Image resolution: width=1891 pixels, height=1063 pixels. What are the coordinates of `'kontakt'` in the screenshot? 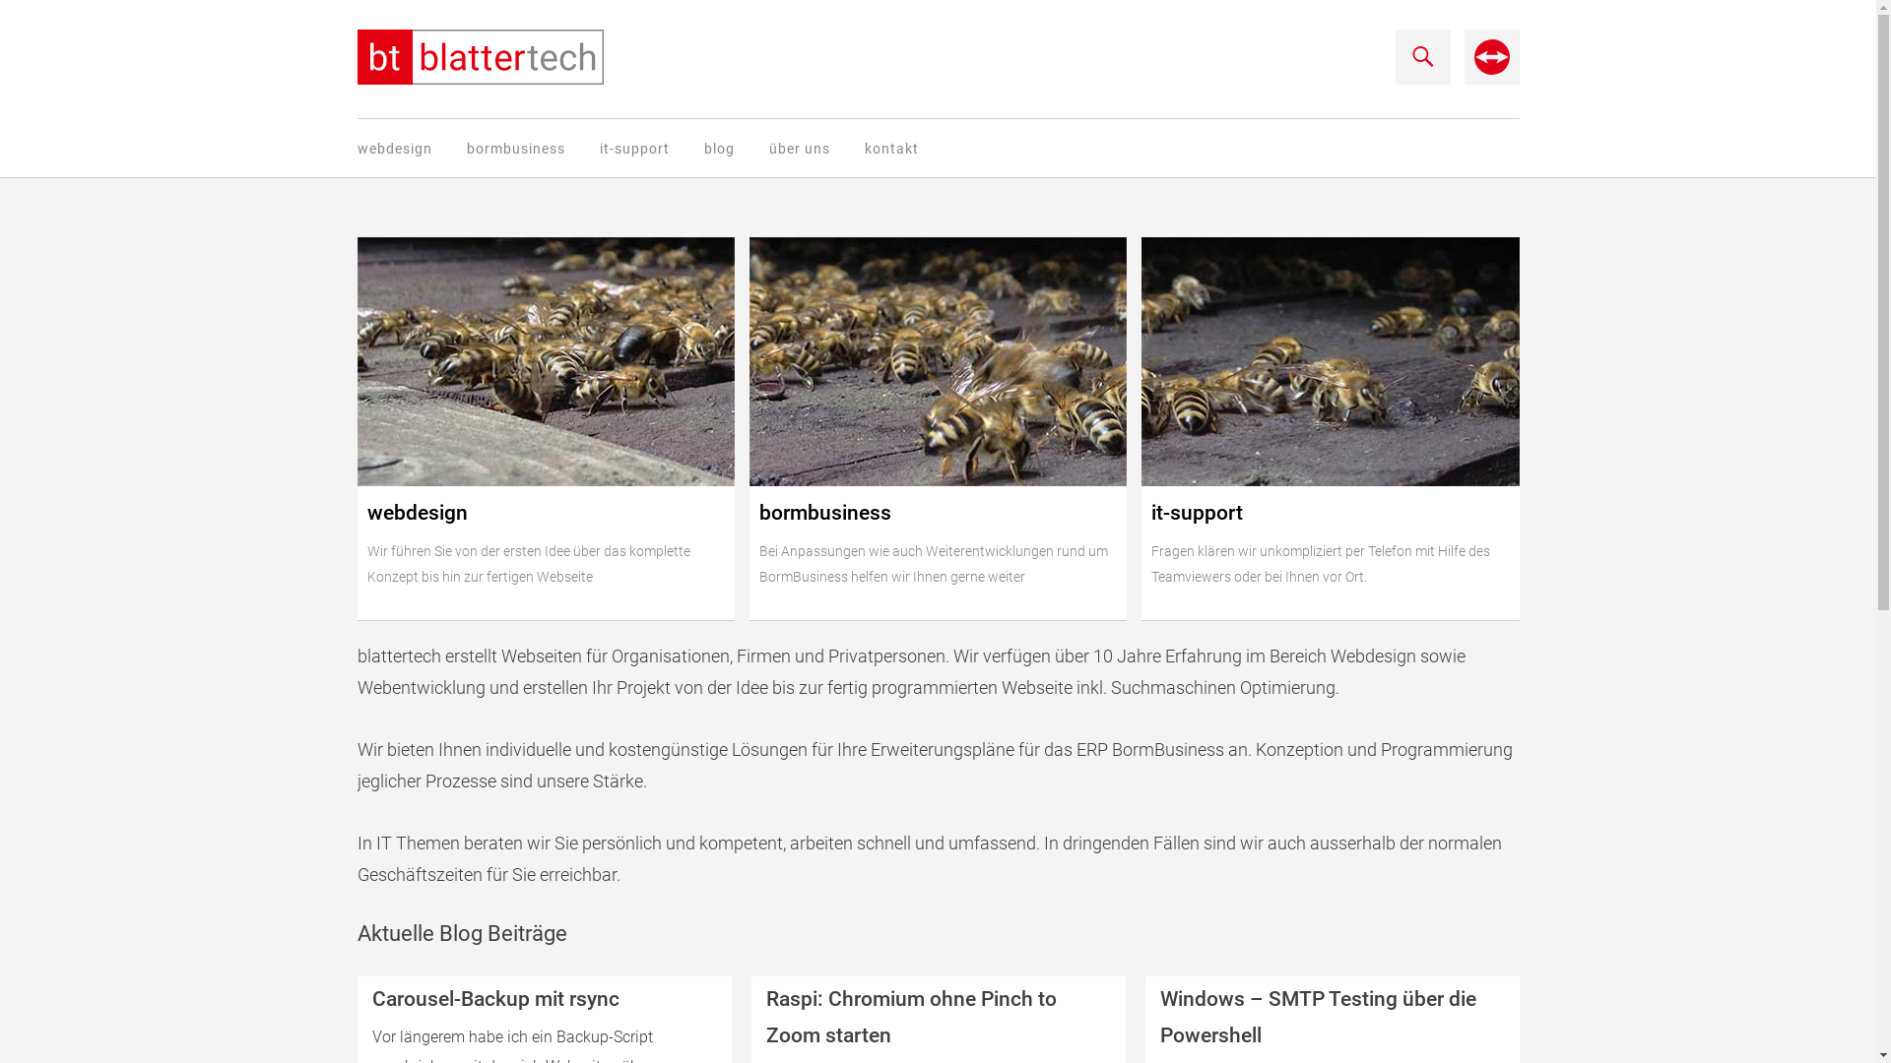 It's located at (890, 147).